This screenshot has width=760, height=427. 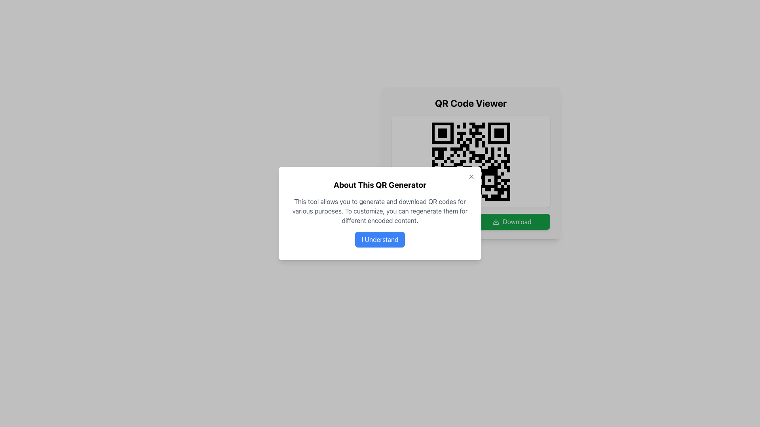 I want to click on the green button labeled 'Download' which contains the icon indicating the purpose of downloading content, so click(x=496, y=221).